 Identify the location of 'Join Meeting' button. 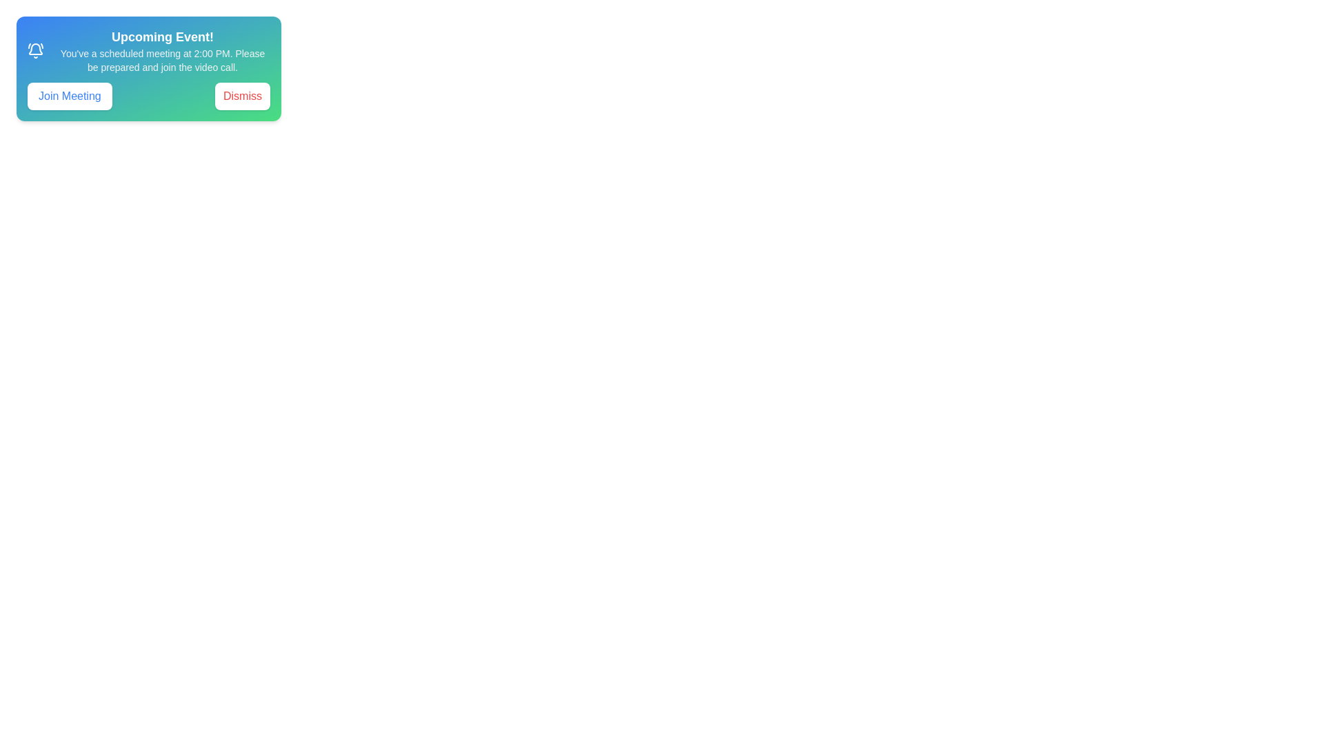
(68, 95).